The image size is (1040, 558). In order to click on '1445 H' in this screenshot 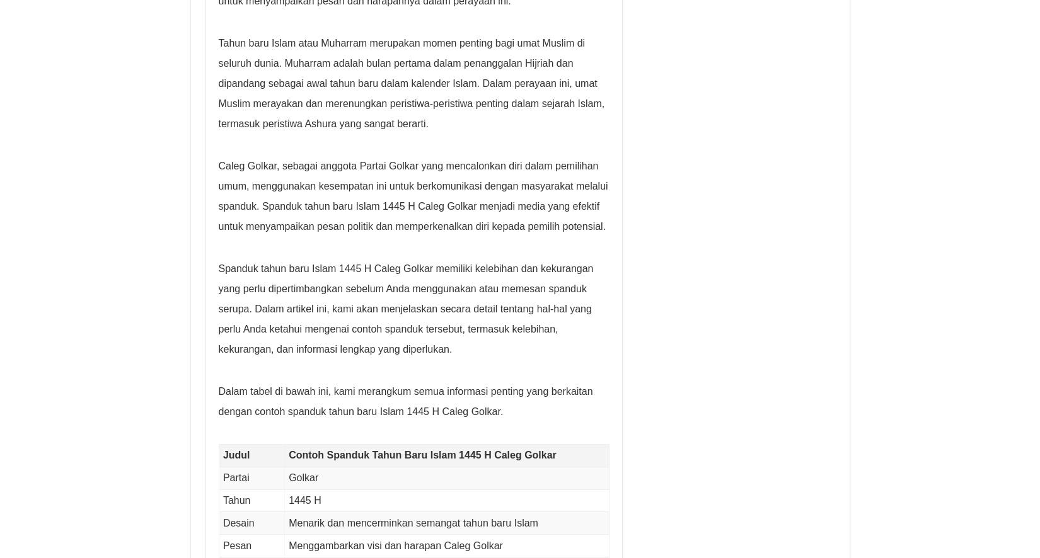, I will do `click(304, 499)`.